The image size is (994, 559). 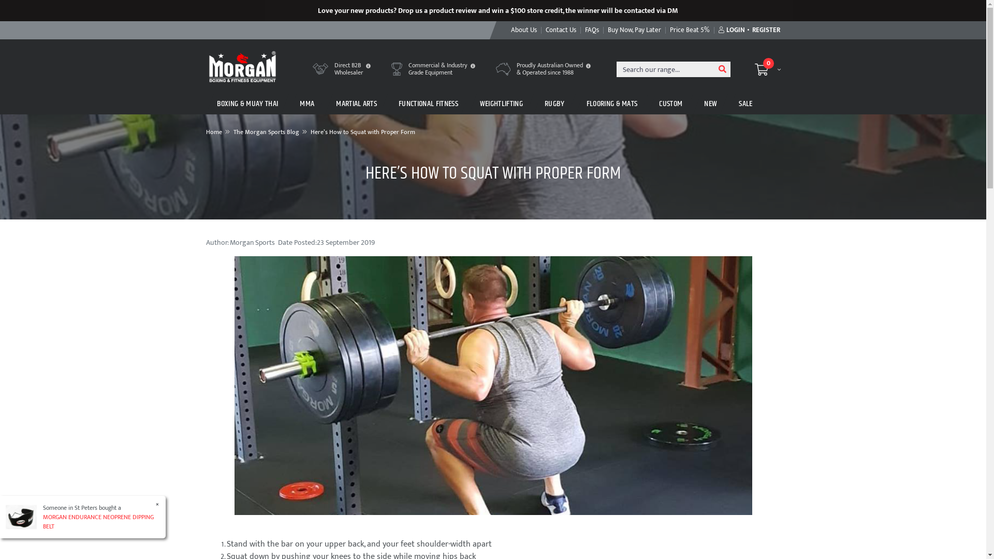 What do you see at coordinates (524, 30) in the screenshot?
I see `'About Us'` at bounding box center [524, 30].